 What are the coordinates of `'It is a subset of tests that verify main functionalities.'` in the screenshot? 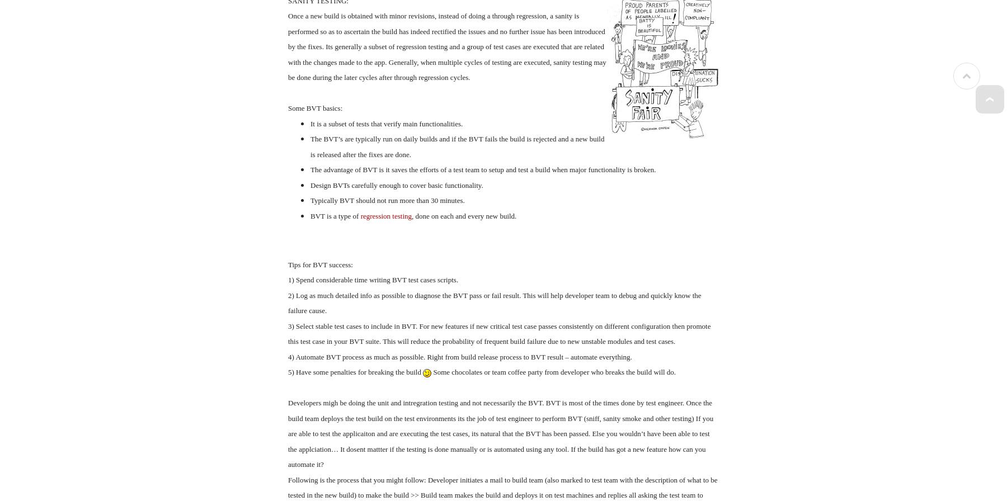 It's located at (386, 123).